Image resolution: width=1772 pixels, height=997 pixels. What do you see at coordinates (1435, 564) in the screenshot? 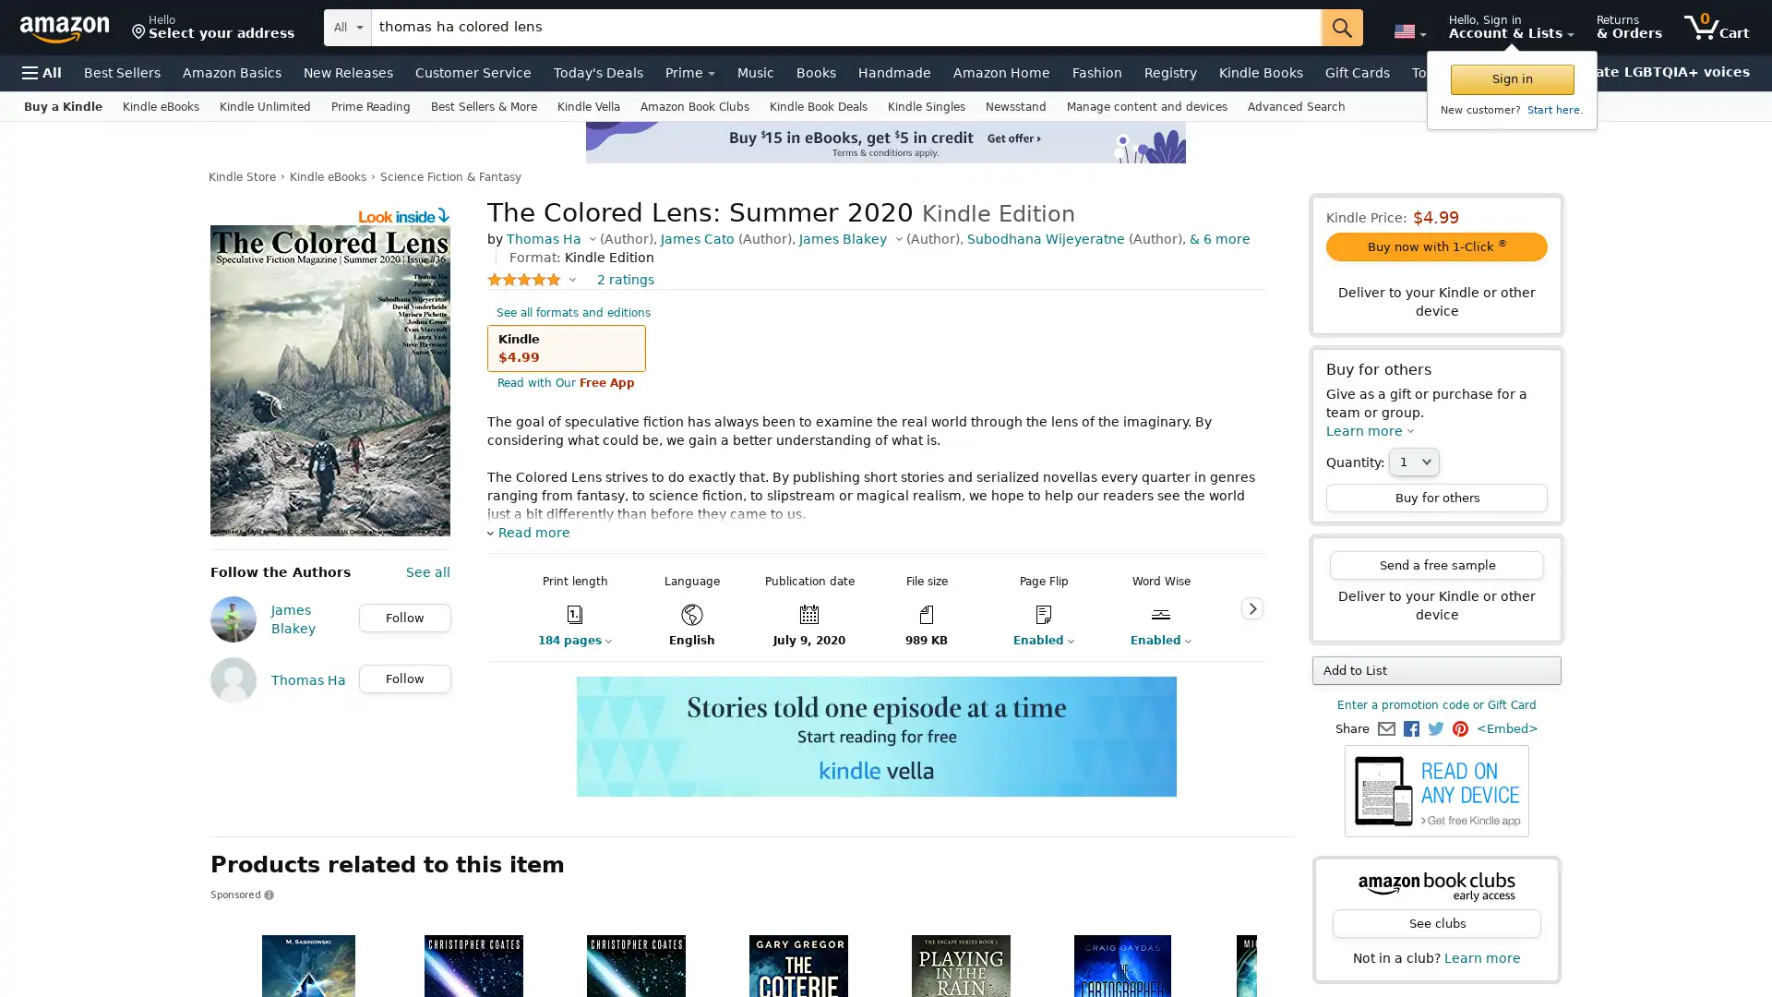
I see `Send a free sample` at bounding box center [1435, 564].